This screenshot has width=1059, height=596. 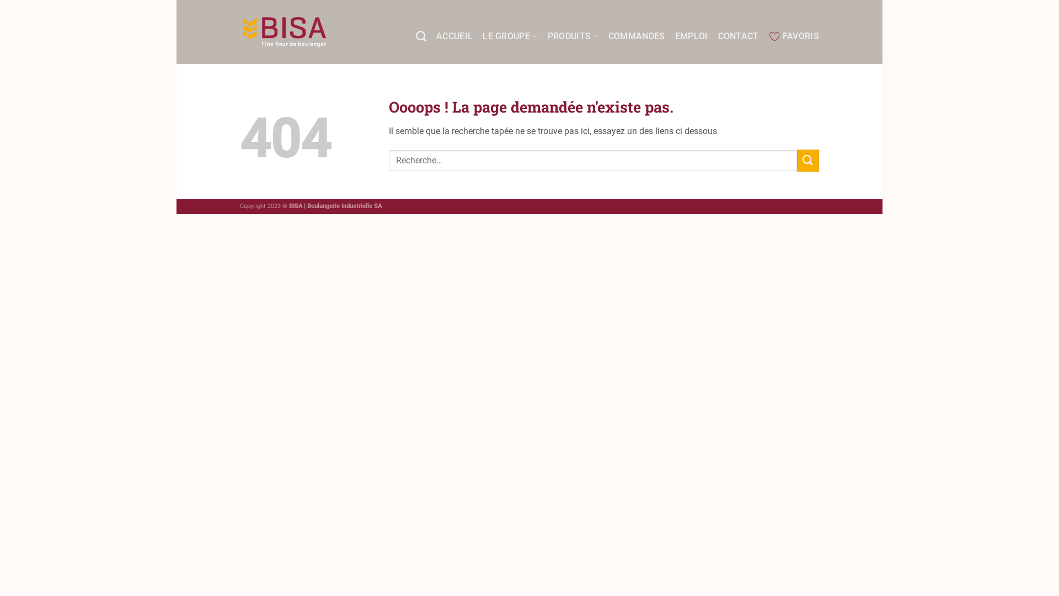 What do you see at coordinates (739, 35) in the screenshot?
I see `'CONTACT'` at bounding box center [739, 35].